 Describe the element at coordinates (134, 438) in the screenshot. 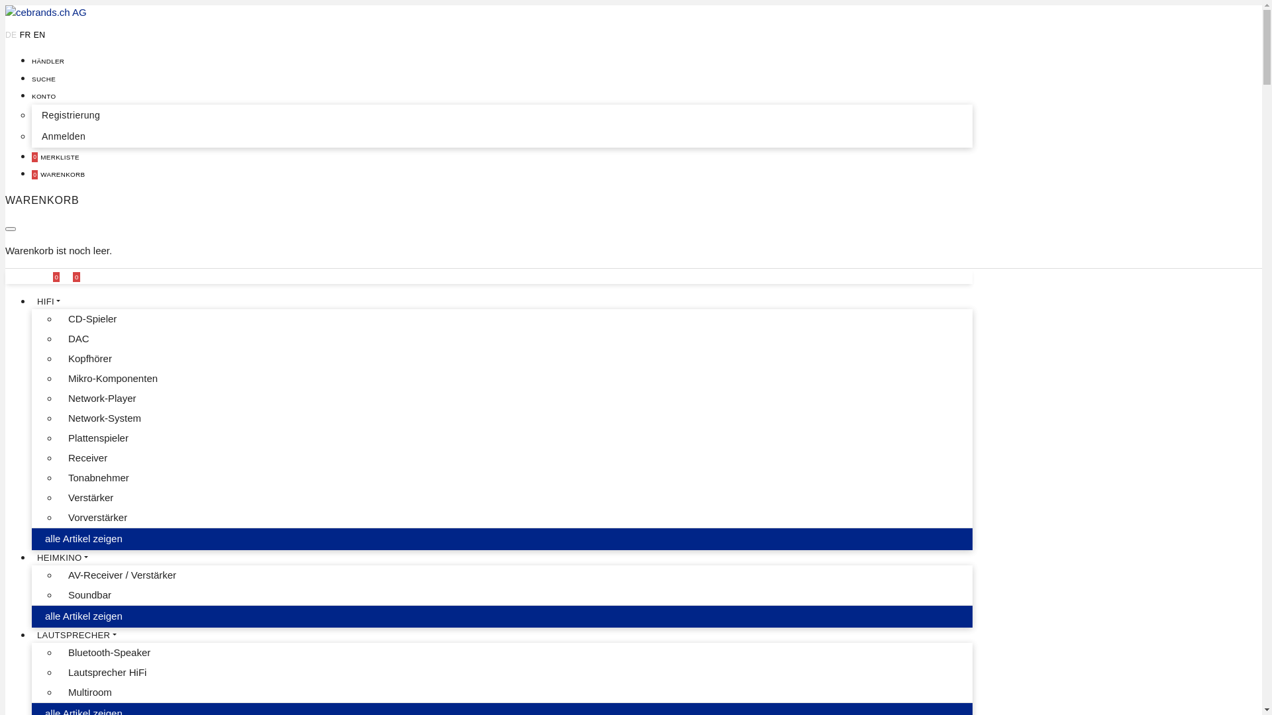

I see `'Plattenspieler'` at that location.